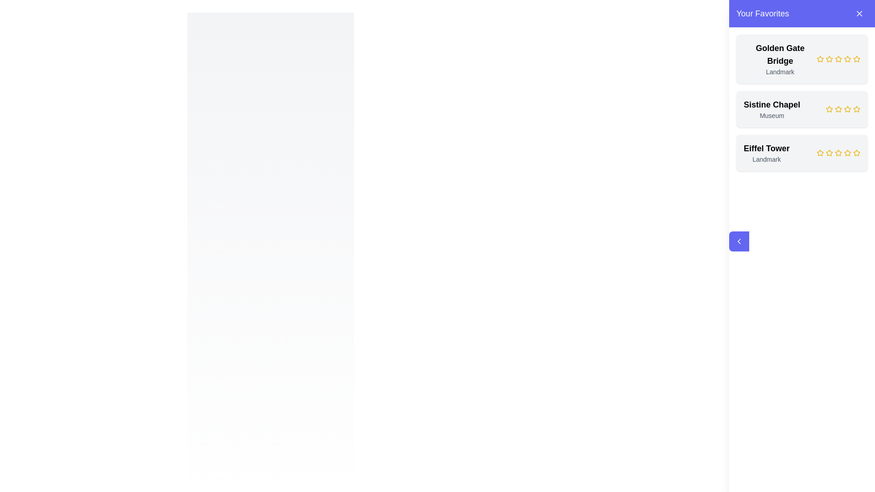  Describe the element at coordinates (820, 58) in the screenshot. I see `the first rating star icon next to the 'Golden Gate Bridge' title to rate it` at that location.